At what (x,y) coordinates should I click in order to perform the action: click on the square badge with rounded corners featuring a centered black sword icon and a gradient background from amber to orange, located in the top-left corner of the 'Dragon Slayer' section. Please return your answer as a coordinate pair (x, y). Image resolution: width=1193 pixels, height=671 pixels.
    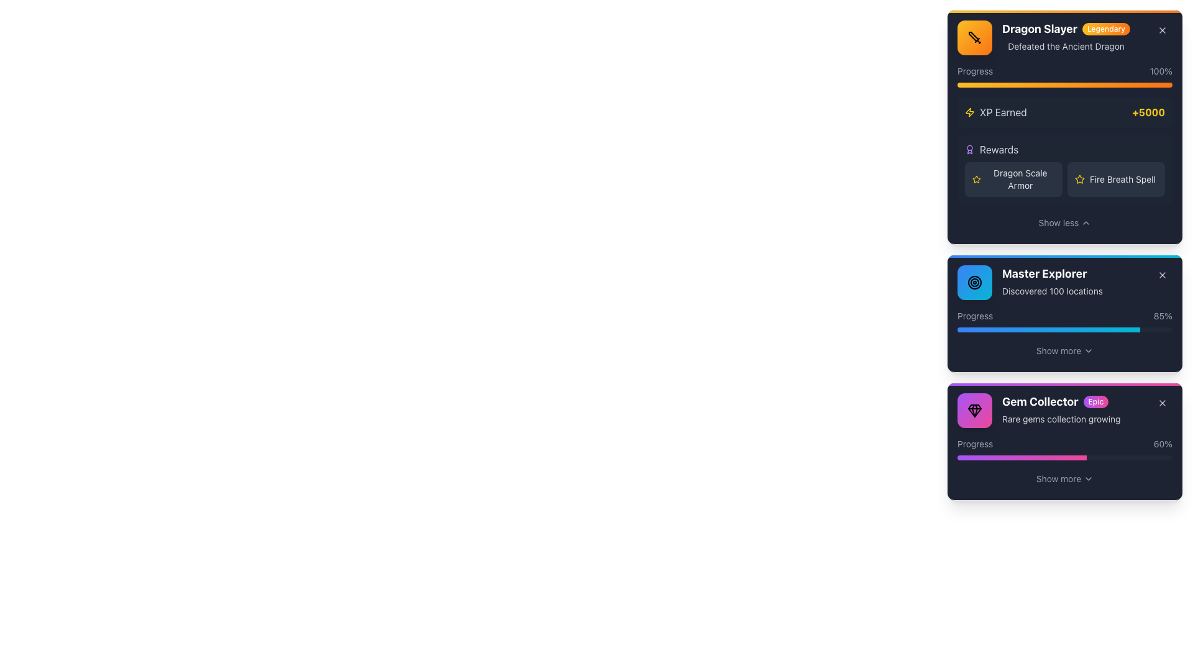
    Looking at the image, I should click on (974, 37).